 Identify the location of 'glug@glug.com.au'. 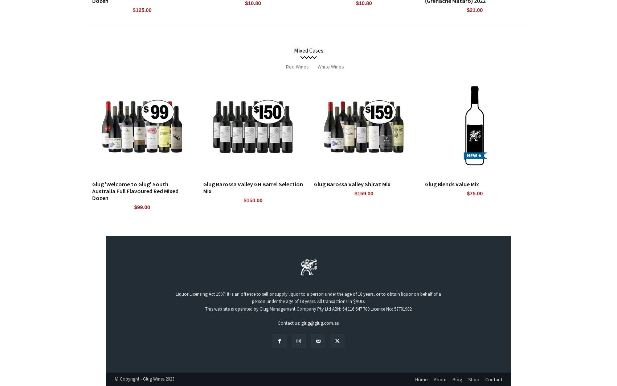
(320, 323).